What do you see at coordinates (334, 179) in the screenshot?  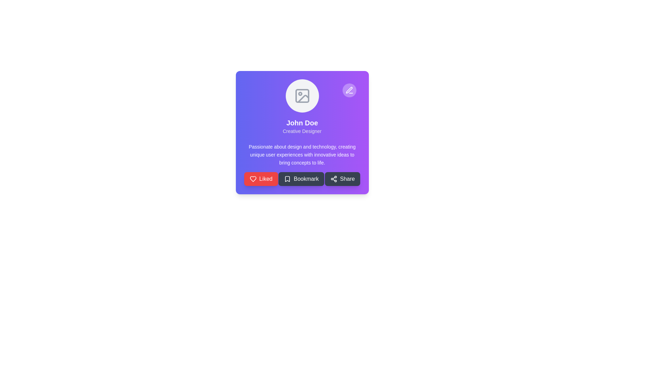 I see `the sharing icon located at the leftmost position of the 'Share' button` at bounding box center [334, 179].